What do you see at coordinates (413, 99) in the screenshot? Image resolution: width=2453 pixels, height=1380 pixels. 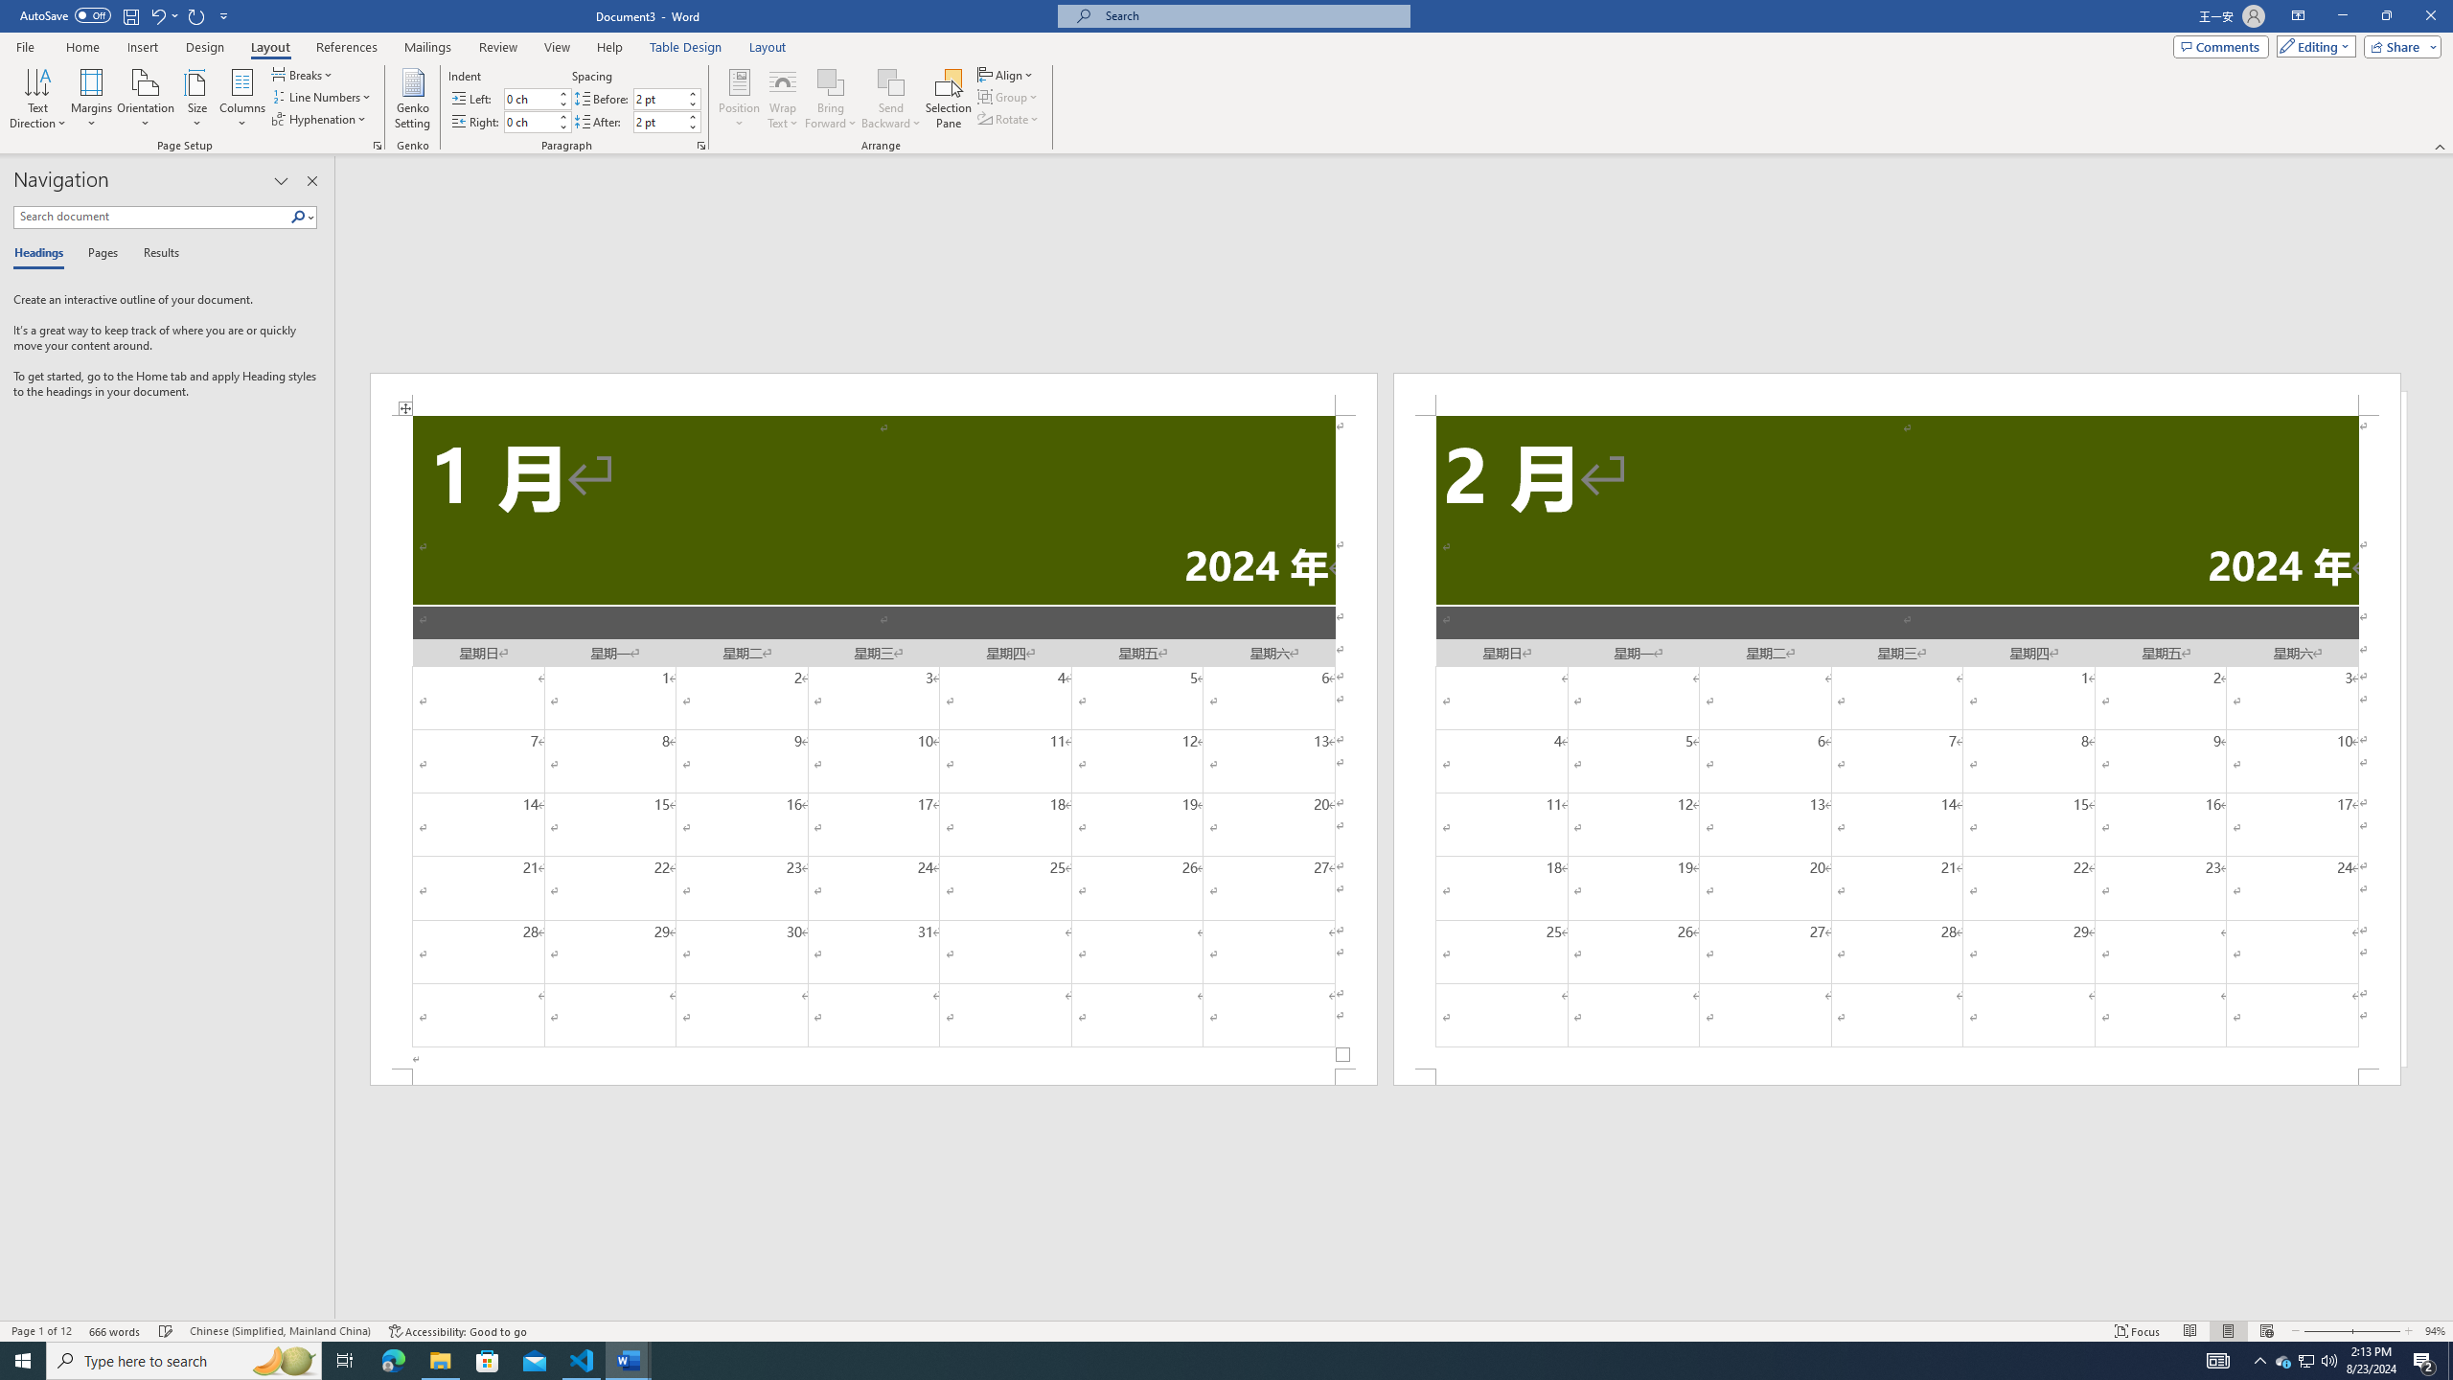 I see `'Genko Setting...'` at bounding box center [413, 99].